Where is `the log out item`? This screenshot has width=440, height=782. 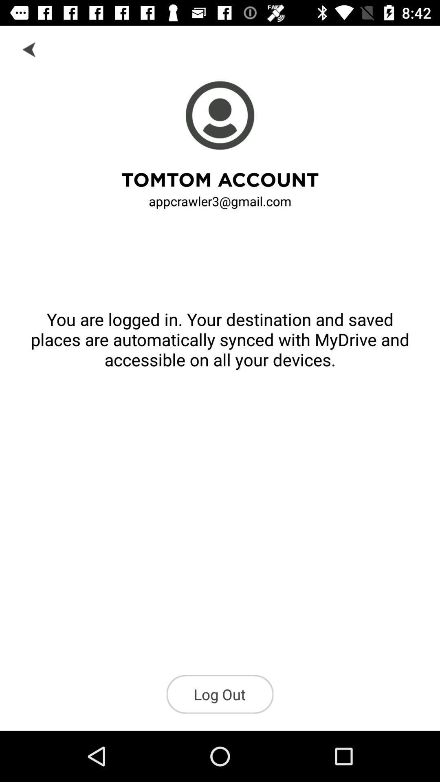 the log out item is located at coordinates (220, 694).